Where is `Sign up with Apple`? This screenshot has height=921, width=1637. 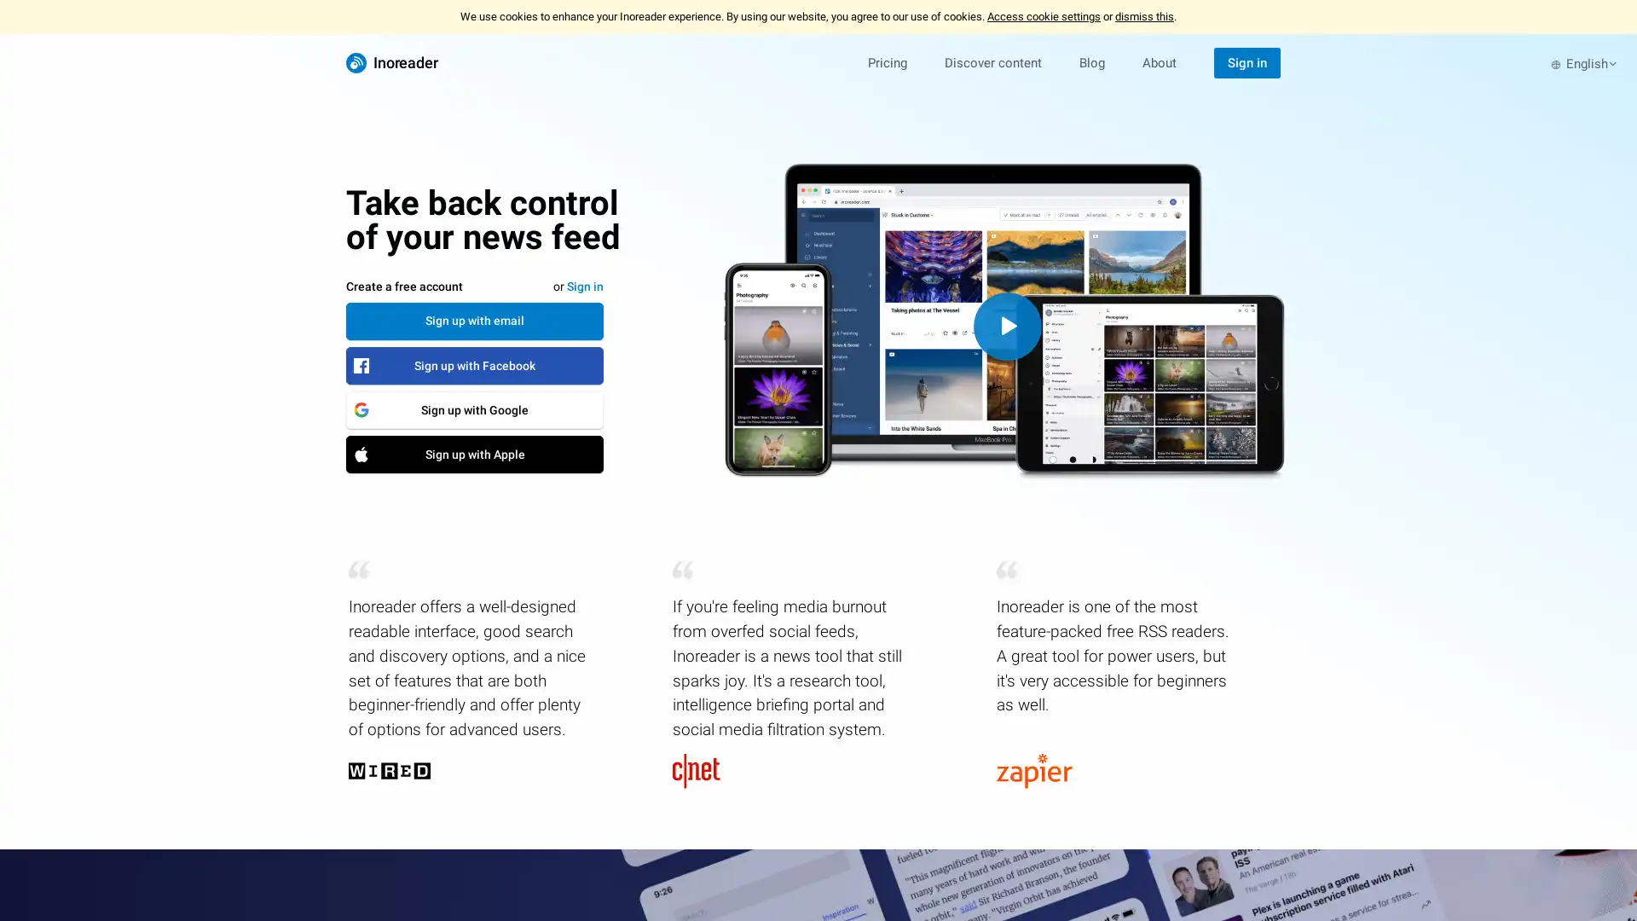
Sign up with Apple is located at coordinates (474, 453).